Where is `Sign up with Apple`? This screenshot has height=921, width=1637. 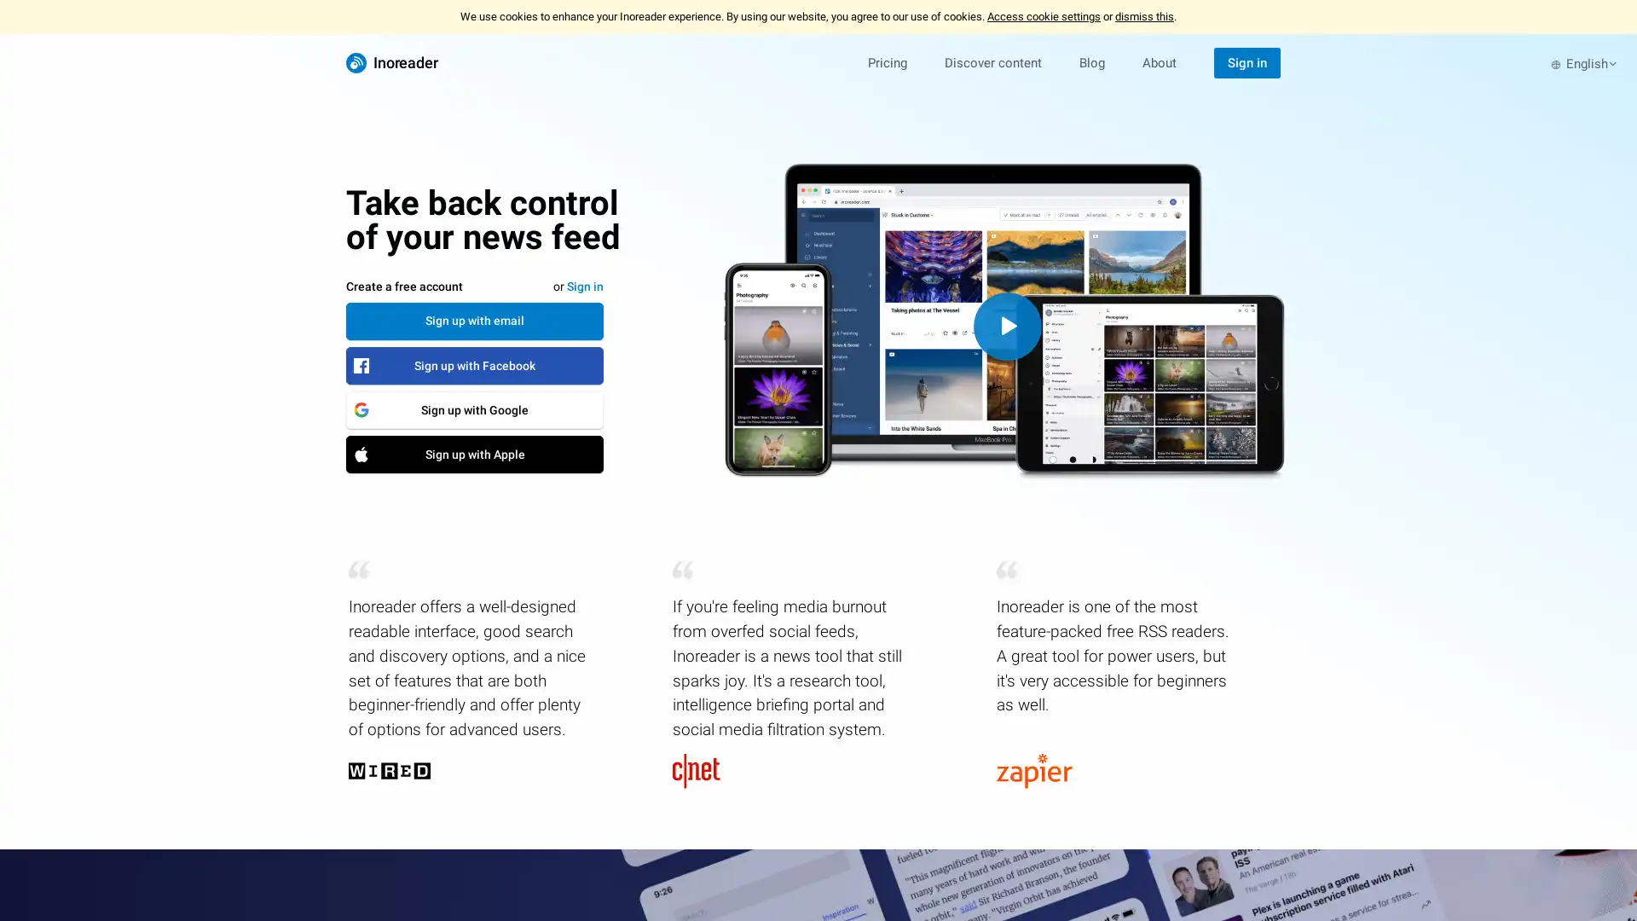
Sign up with Apple is located at coordinates (474, 453).